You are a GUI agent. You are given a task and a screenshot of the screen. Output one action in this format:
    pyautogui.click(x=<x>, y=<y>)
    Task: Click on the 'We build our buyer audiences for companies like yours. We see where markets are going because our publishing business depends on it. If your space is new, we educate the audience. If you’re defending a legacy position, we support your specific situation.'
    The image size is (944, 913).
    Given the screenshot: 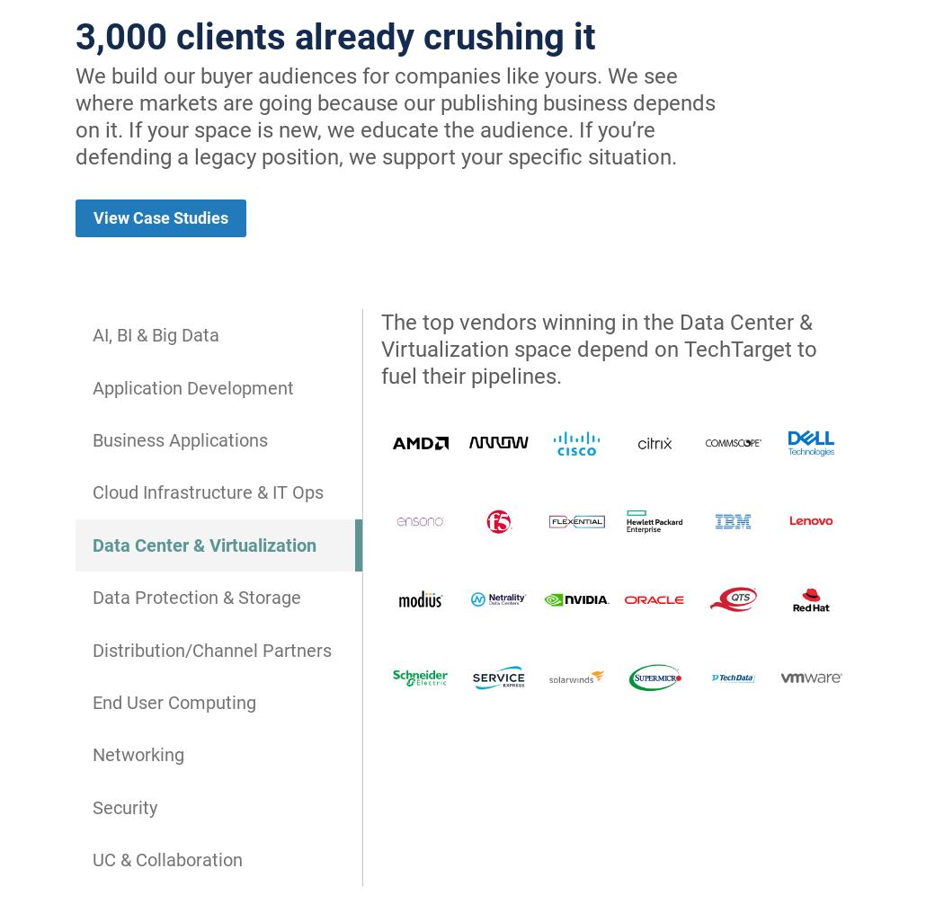 What is the action you would take?
    pyautogui.click(x=394, y=116)
    